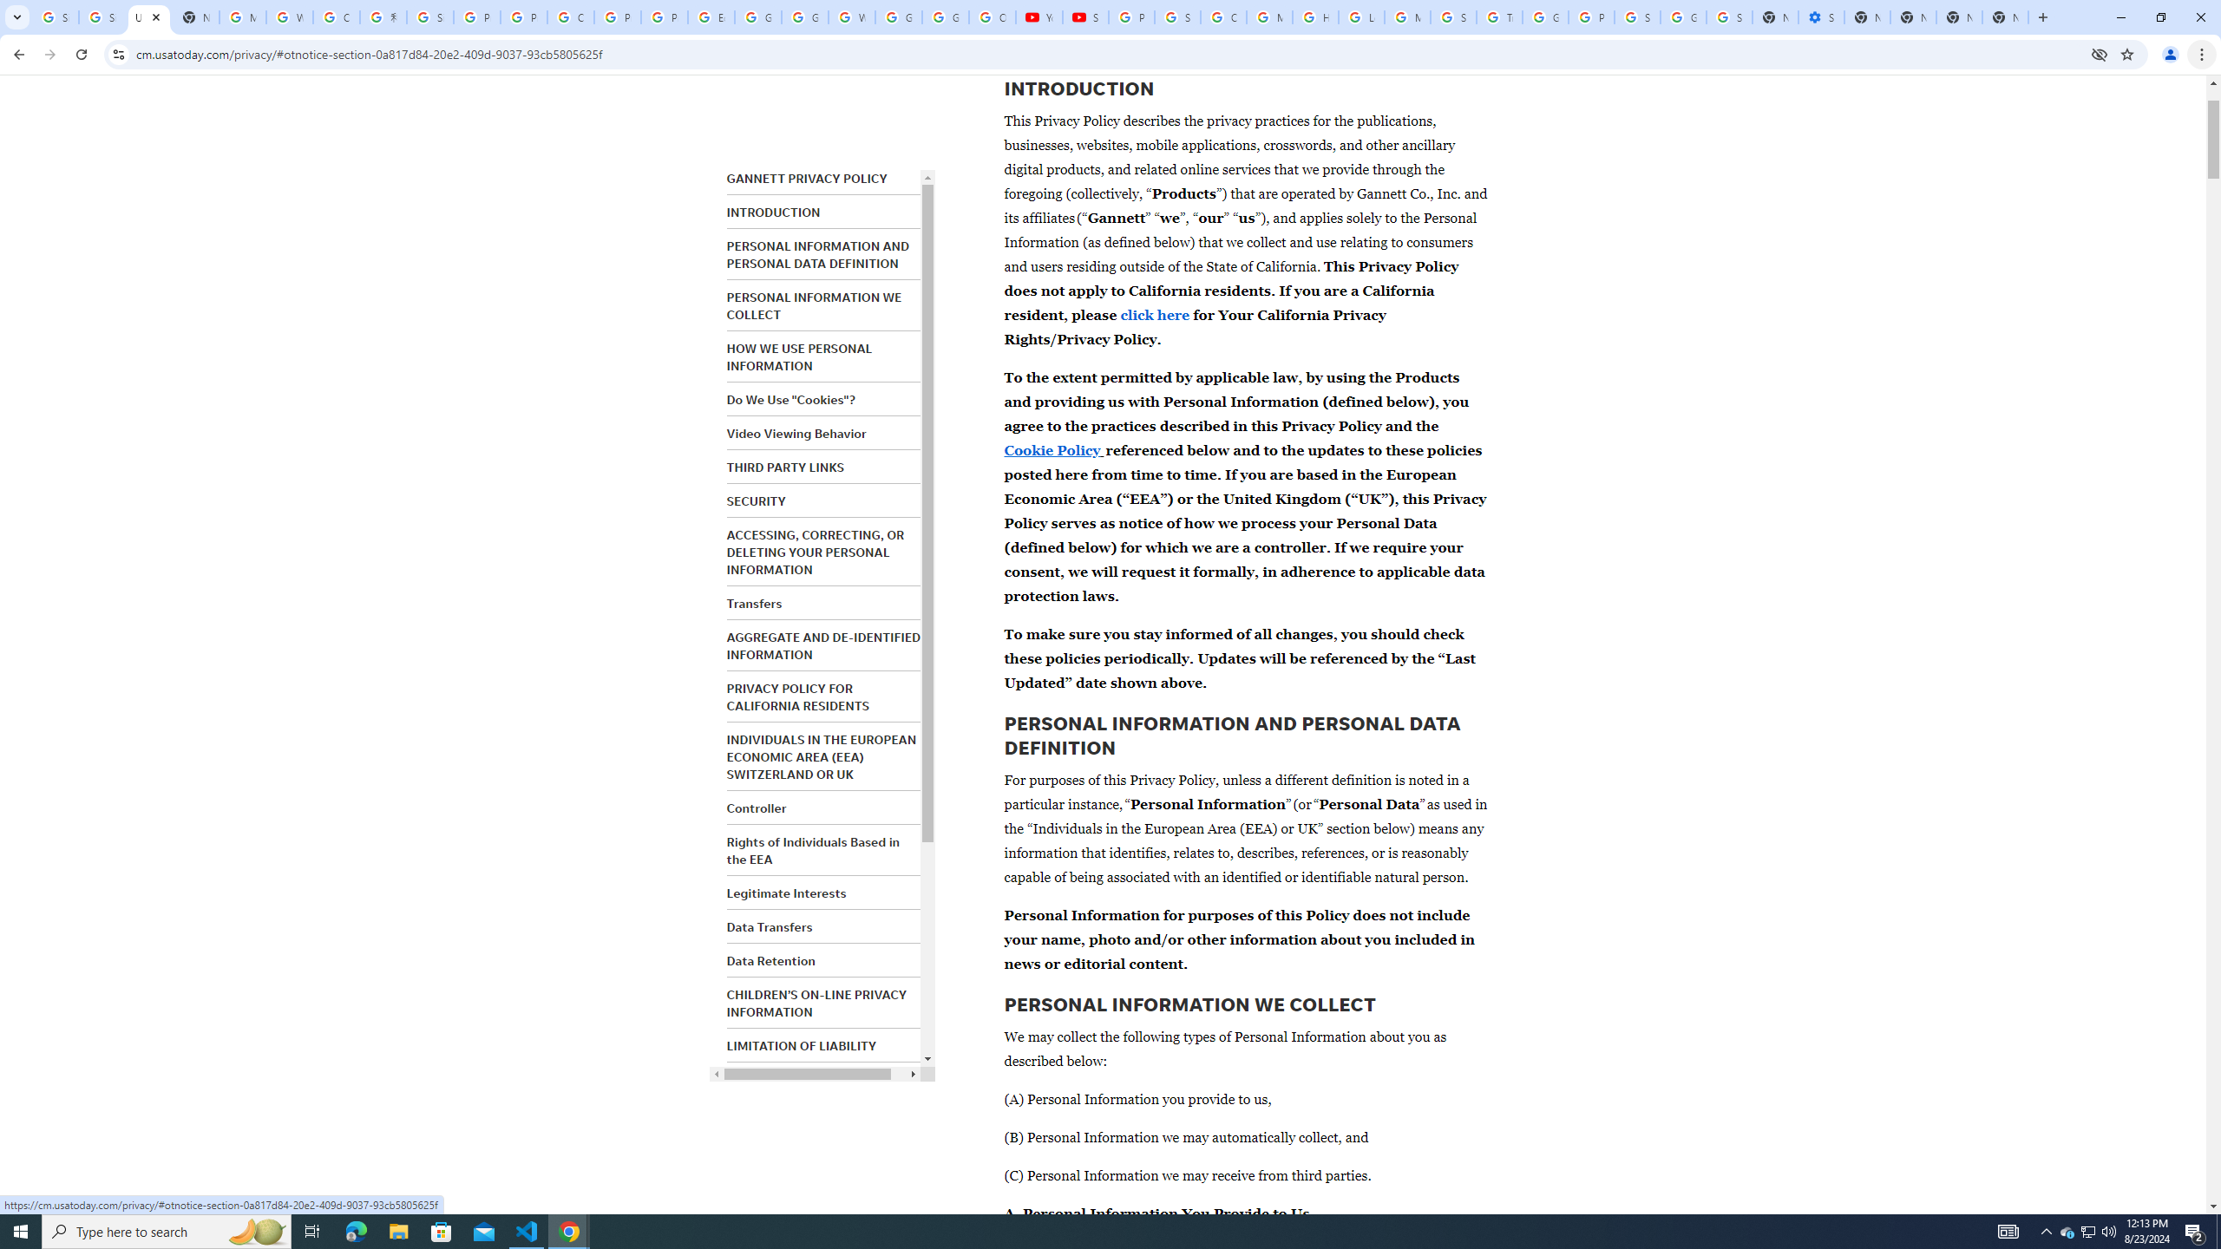 Image resolution: width=2221 pixels, height=1249 pixels. Describe the element at coordinates (813, 305) in the screenshot. I see `'PERSONAL INFORMATION WE COLLECT'` at that location.